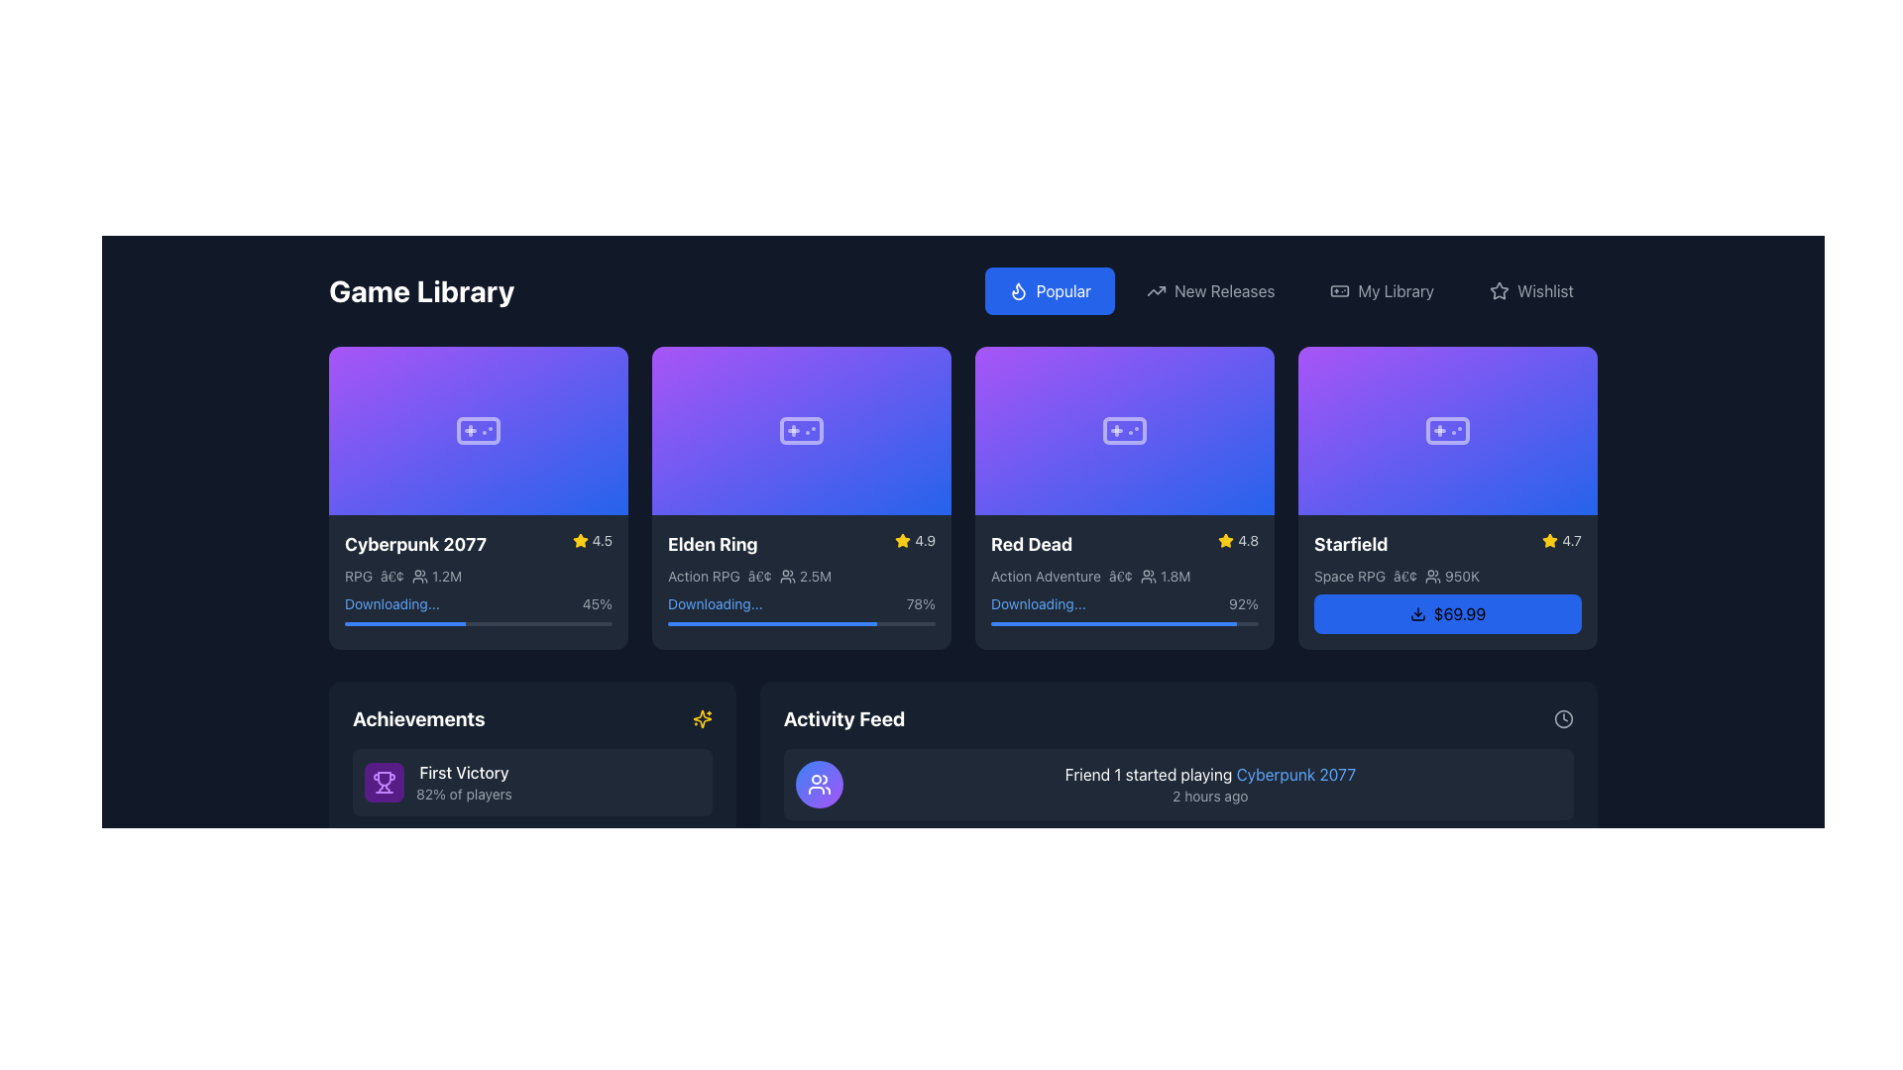  Describe the element at coordinates (1049, 290) in the screenshot. I see `the 'Popular' button, which is a rectangular button with rounded corners, featuring a blue background and white text, located in the top navigation bar` at that location.